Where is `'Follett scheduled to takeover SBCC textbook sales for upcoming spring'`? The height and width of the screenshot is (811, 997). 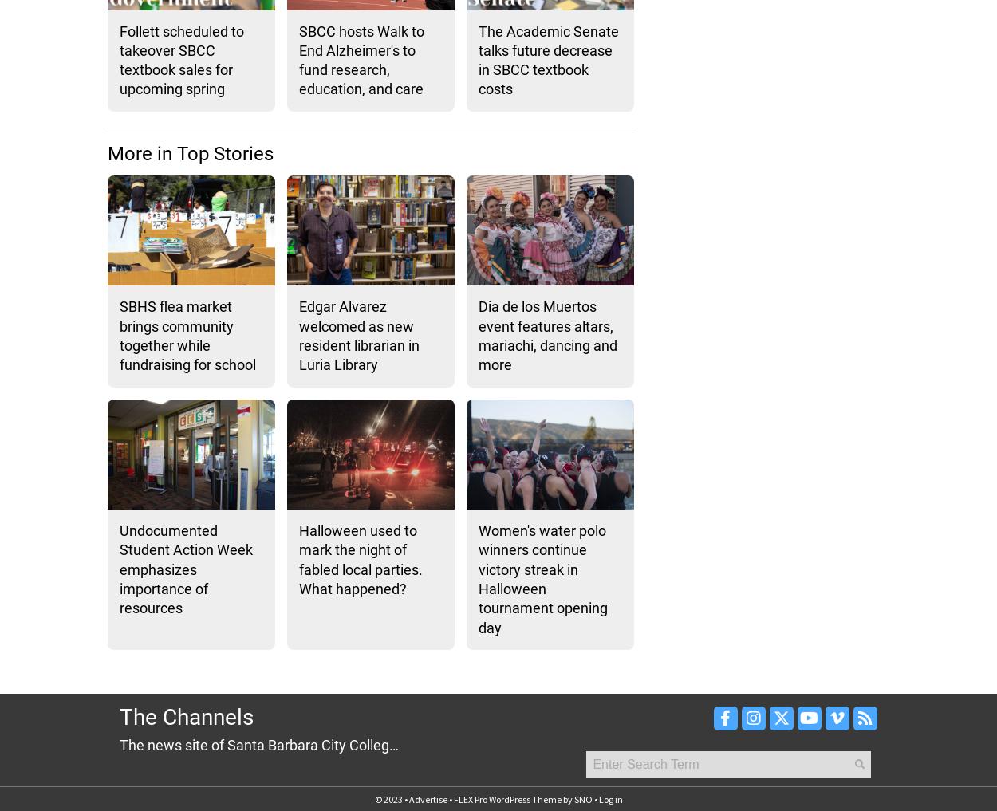
'Follett scheduled to takeover SBCC textbook sales for upcoming spring' is located at coordinates (181, 59).